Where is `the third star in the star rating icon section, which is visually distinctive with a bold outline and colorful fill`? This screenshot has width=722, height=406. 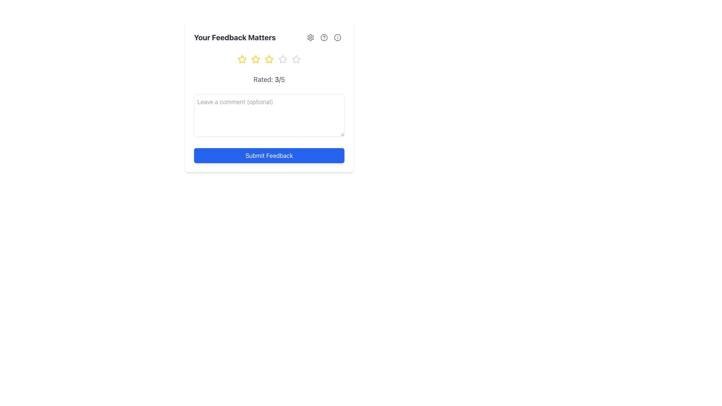 the third star in the star rating icon section, which is visually distinctive with a bold outline and colorful fill is located at coordinates (269, 59).